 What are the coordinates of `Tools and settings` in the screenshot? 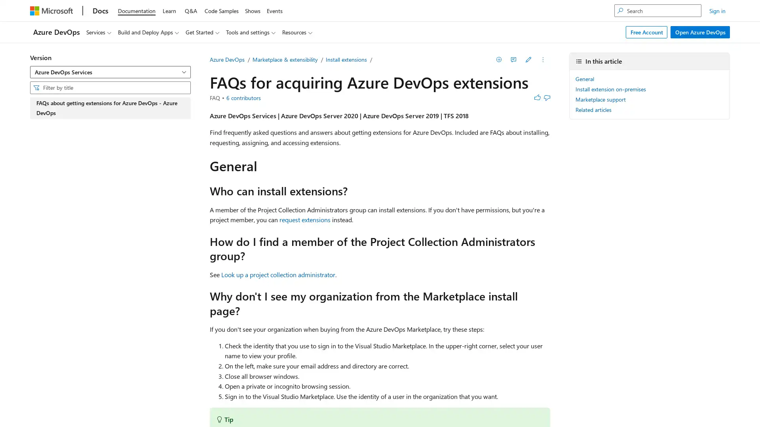 It's located at (250, 32).